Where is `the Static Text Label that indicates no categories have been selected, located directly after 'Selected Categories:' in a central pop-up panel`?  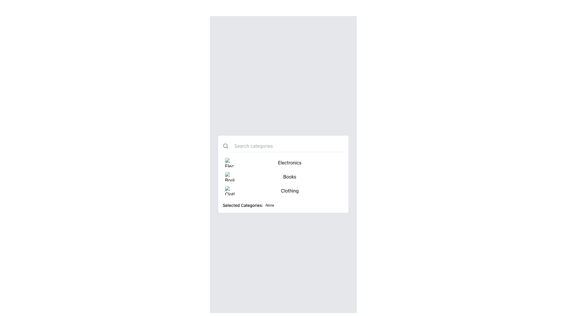 the Static Text Label that indicates no categories have been selected, located directly after 'Selected Categories:' in a central pop-up panel is located at coordinates (269, 205).